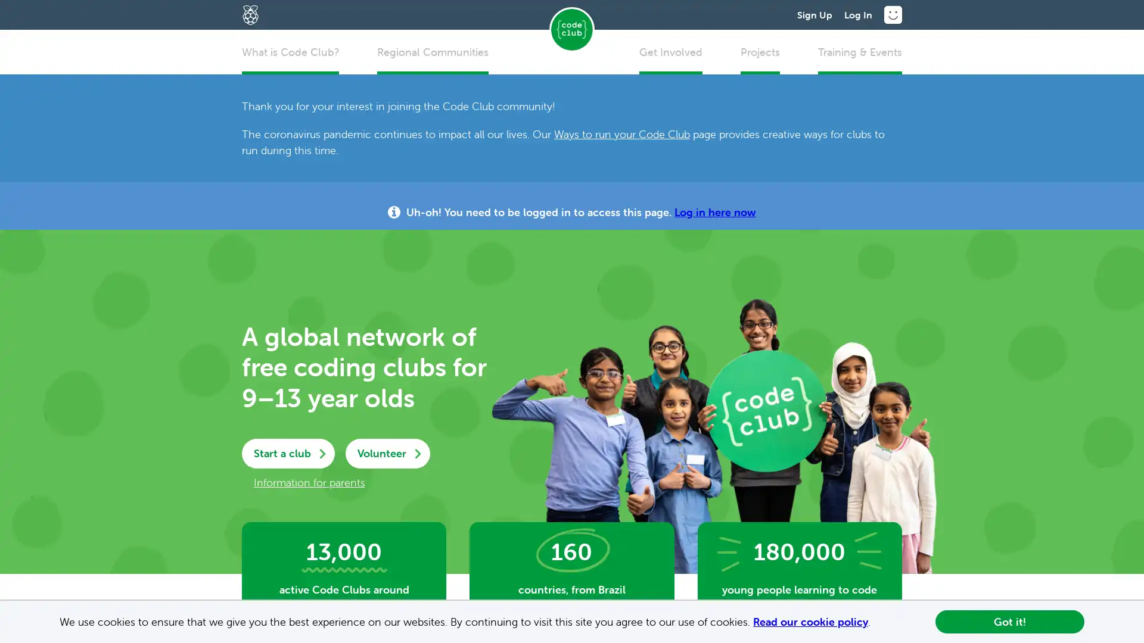 The width and height of the screenshot is (1144, 643). Describe the element at coordinates (1009, 621) in the screenshot. I see `dismiss cookie message` at that location.